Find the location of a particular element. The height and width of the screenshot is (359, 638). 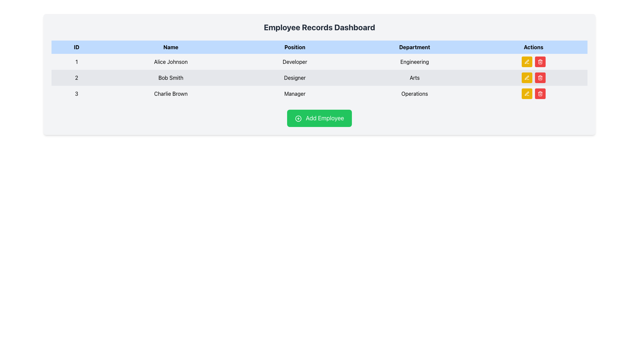

the decorative SVG circle within the 'Add Employee' button, which enhances its visual representation and is located at the center of the button is located at coordinates (298, 118).